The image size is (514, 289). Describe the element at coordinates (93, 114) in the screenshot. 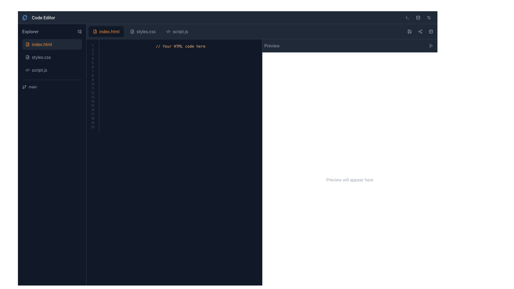

I see `the static text display showing the number '17', which is the 17th item in a vertical list of numeric elements located in the middle-right half of the interface` at that location.